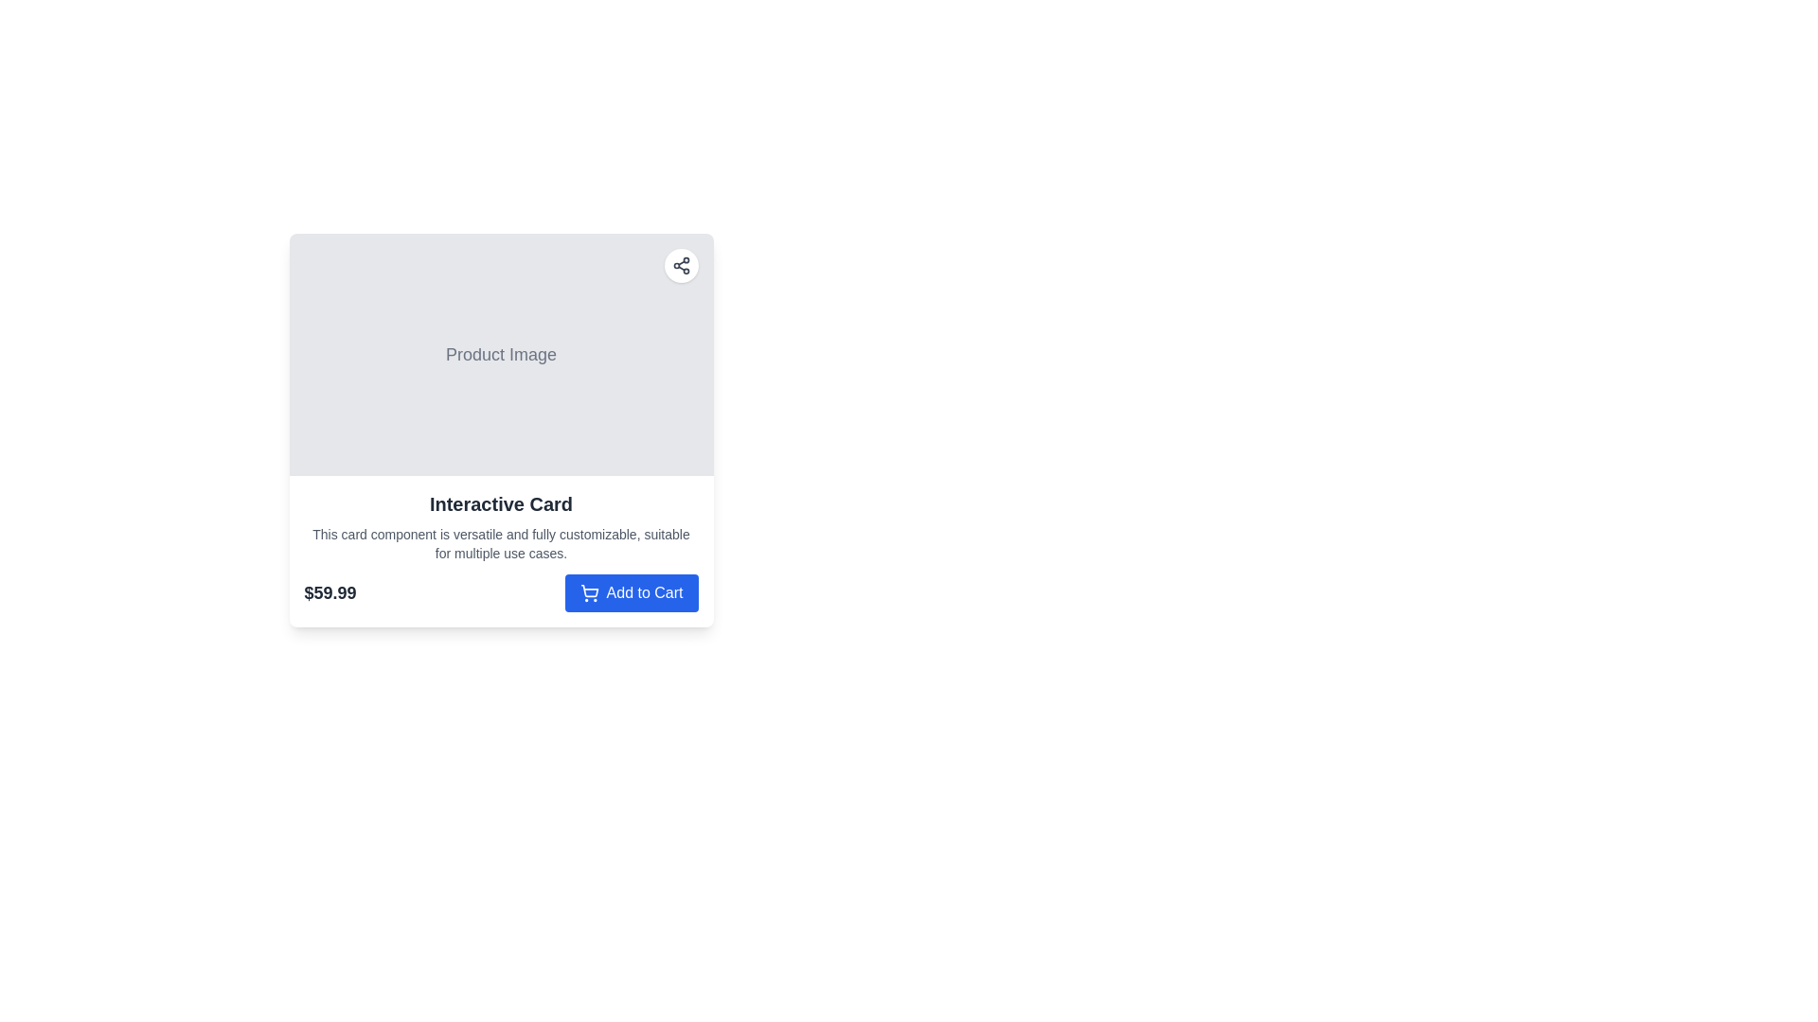 The width and height of the screenshot is (1818, 1022). I want to click on the Text Label that indicates the type or purpose of content associated with the product image, which is positioned within a card-style layout with a light gray background, so click(501, 354).